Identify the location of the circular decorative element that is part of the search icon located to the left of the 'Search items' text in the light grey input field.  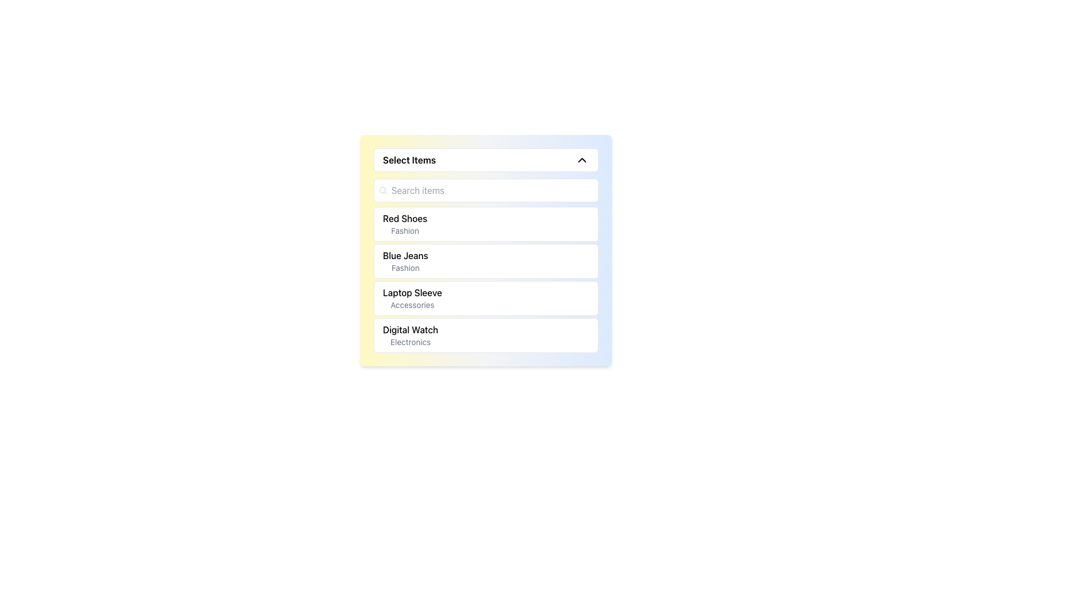
(382, 189).